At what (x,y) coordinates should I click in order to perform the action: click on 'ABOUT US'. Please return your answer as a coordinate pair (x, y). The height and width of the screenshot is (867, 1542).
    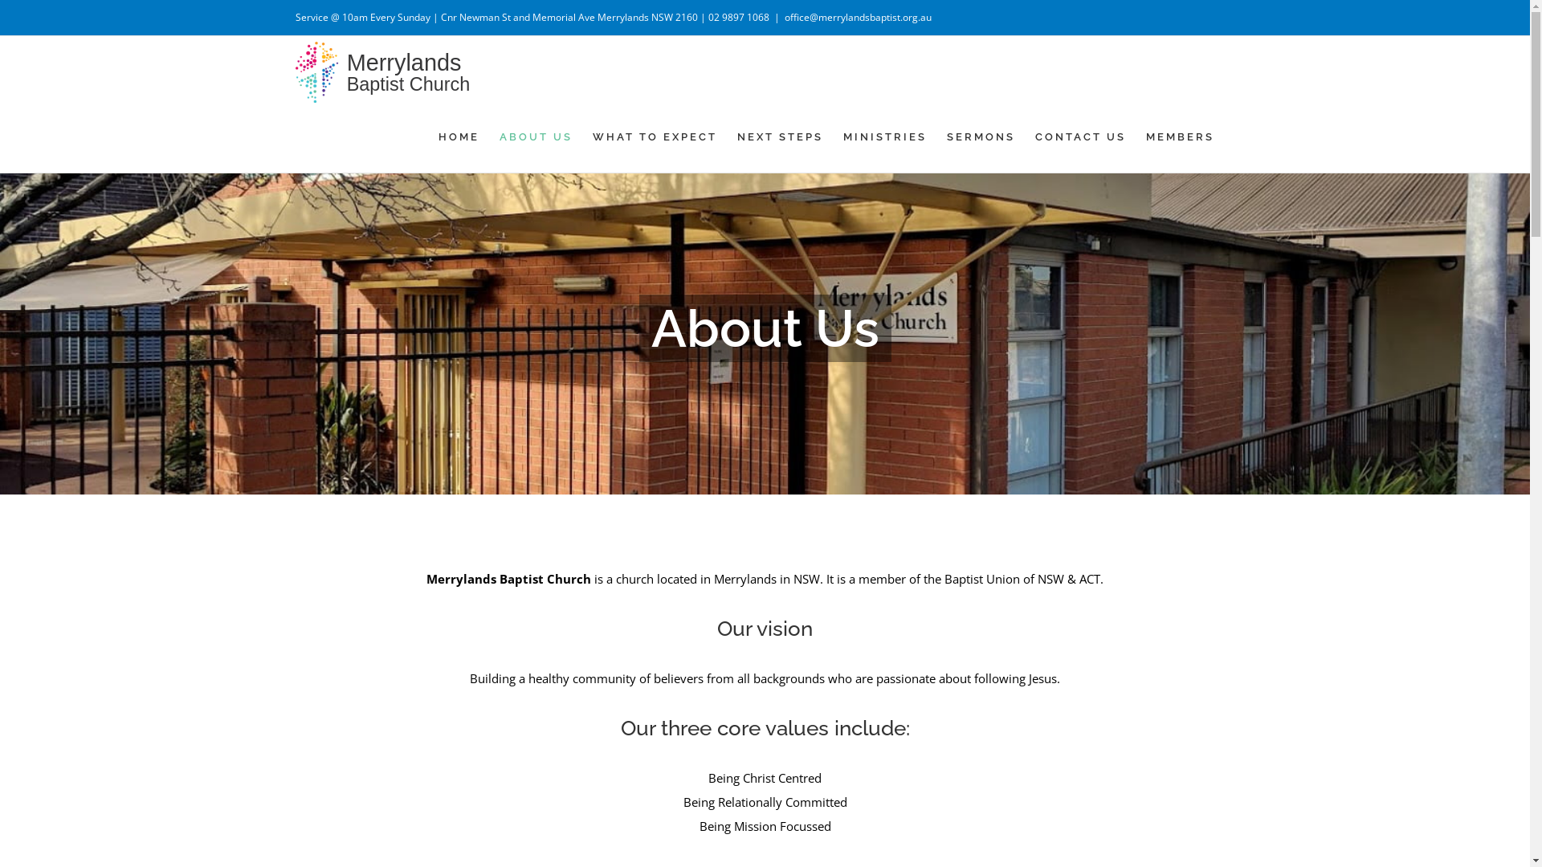
    Looking at the image, I should click on (536, 135).